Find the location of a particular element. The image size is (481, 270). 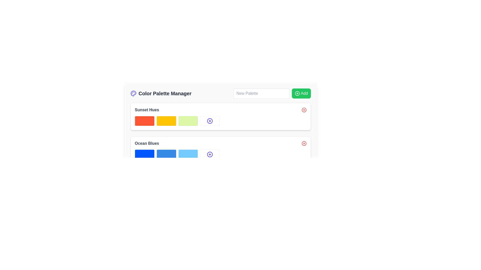

the vibrant red color swatch with a smooth rounded border in the 'Sunset Hues' group is located at coordinates (144, 121).